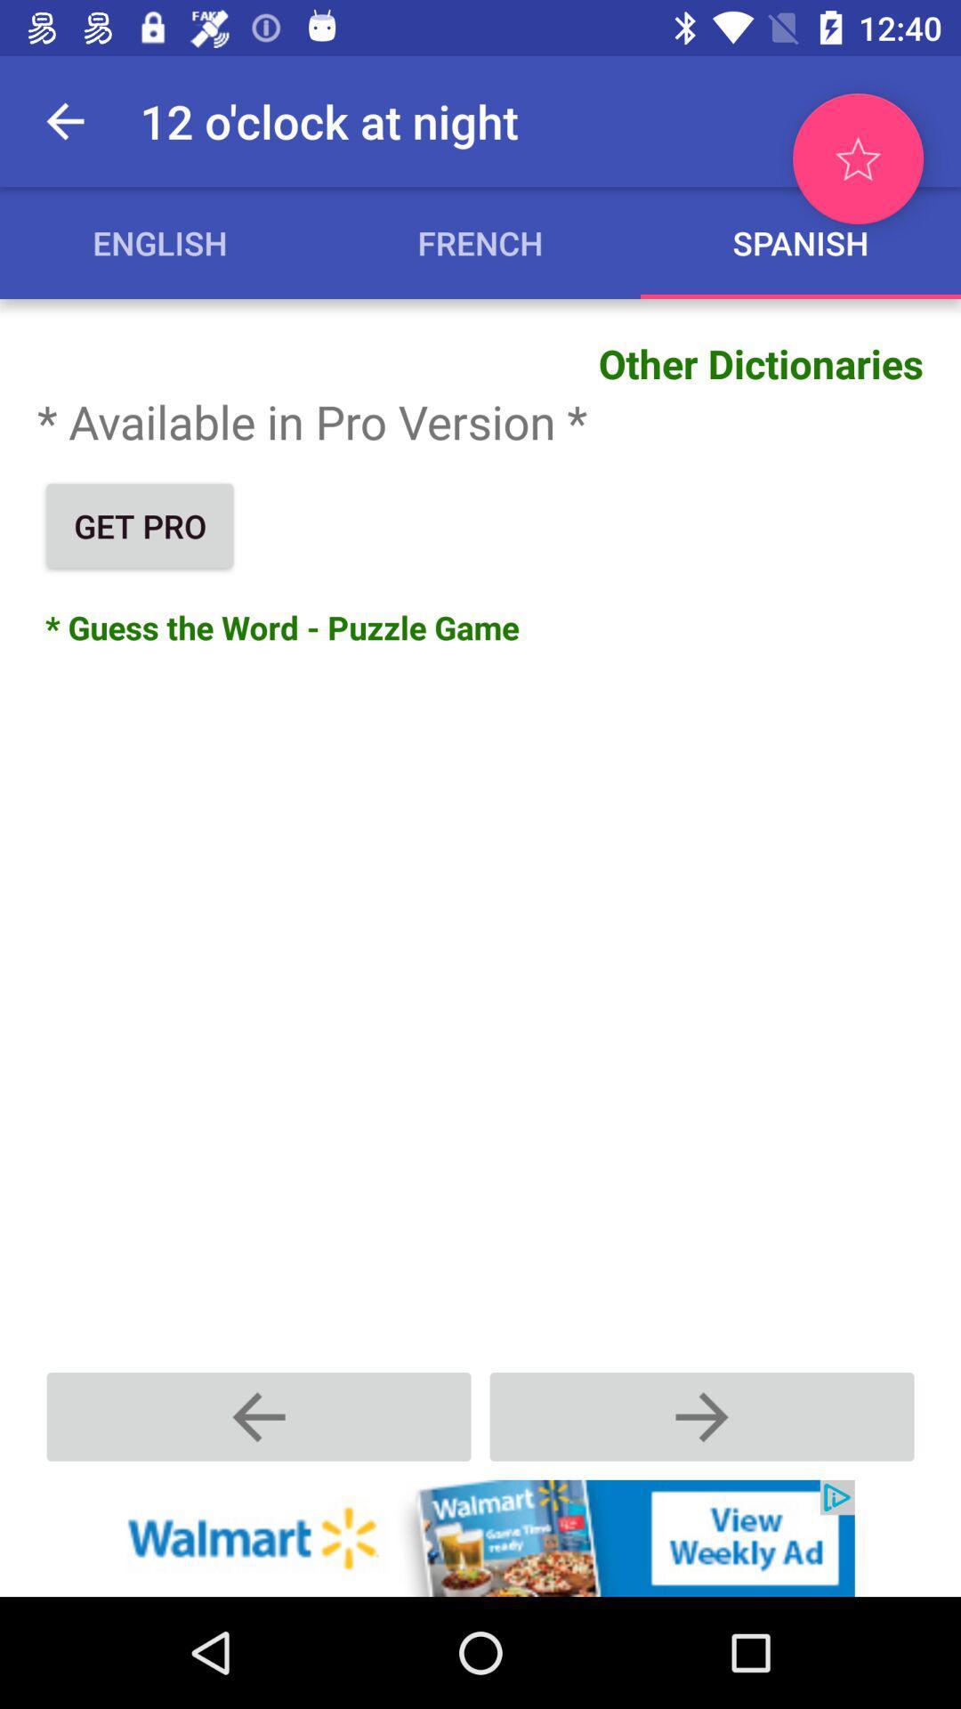 This screenshot has height=1709, width=961. I want to click on to favorite, so click(857, 158).